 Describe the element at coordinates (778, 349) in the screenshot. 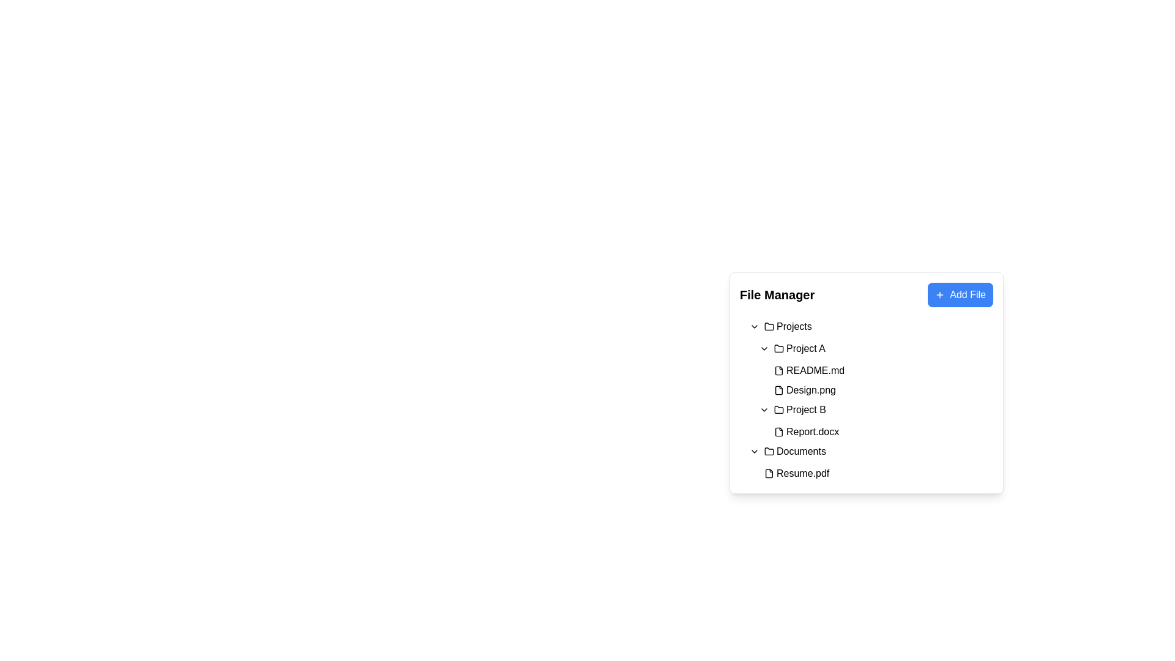

I see `the folder icon representing 'Project A' in the file manager` at that location.